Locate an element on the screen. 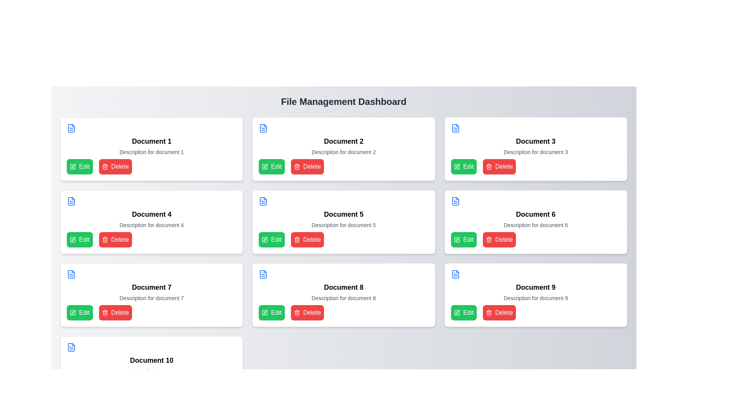 The width and height of the screenshot is (737, 415). the red trash can icon located within the 'Delete' button for 'Document 1' is located at coordinates (104, 166).